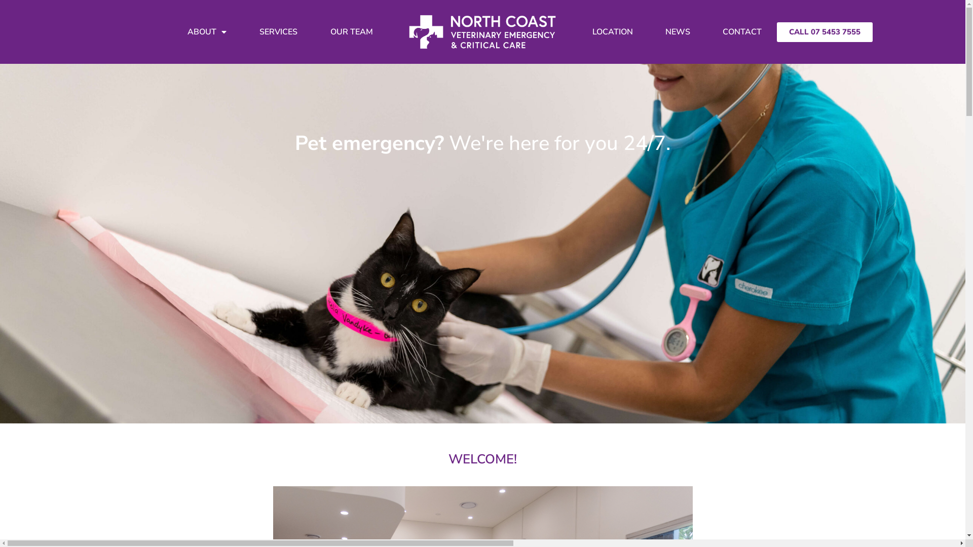 The height and width of the screenshot is (547, 973). I want to click on 'CALL 07 5453 7555', so click(825, 31).